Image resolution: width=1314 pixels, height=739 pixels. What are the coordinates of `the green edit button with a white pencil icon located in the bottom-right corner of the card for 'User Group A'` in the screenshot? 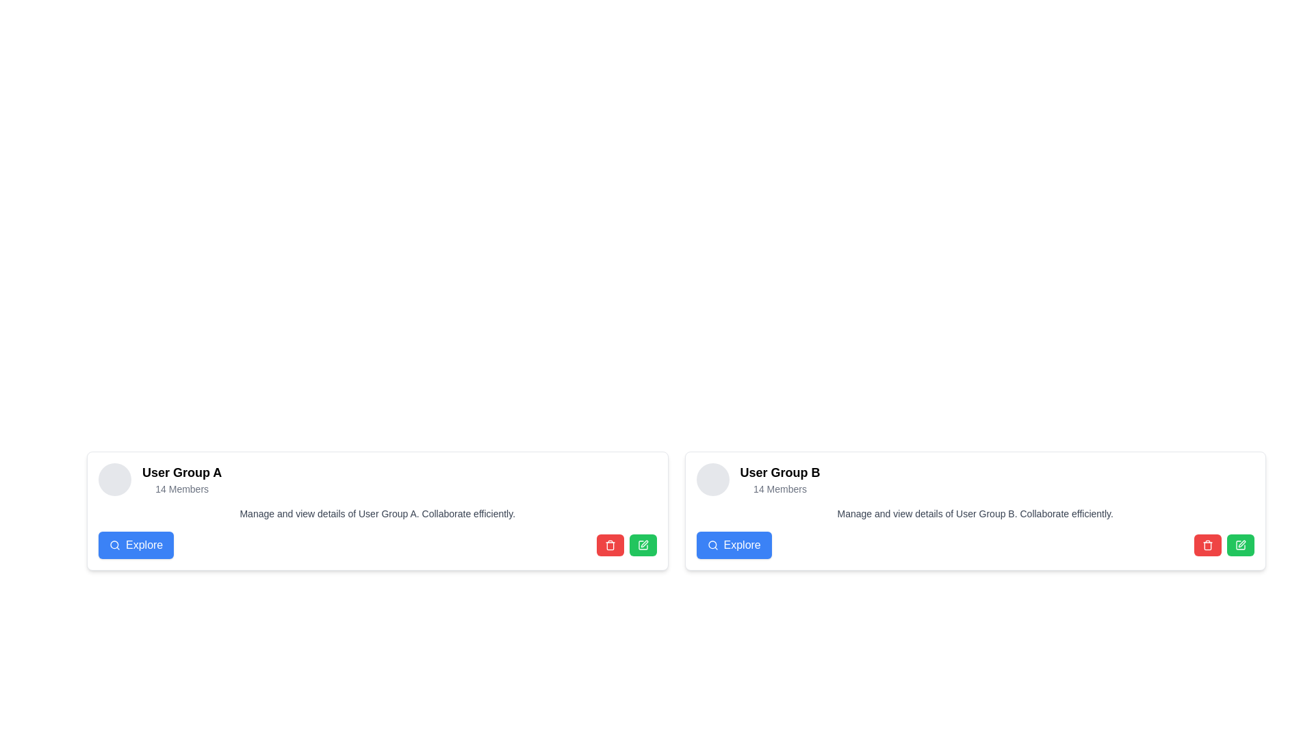 It's located at (626, 545).